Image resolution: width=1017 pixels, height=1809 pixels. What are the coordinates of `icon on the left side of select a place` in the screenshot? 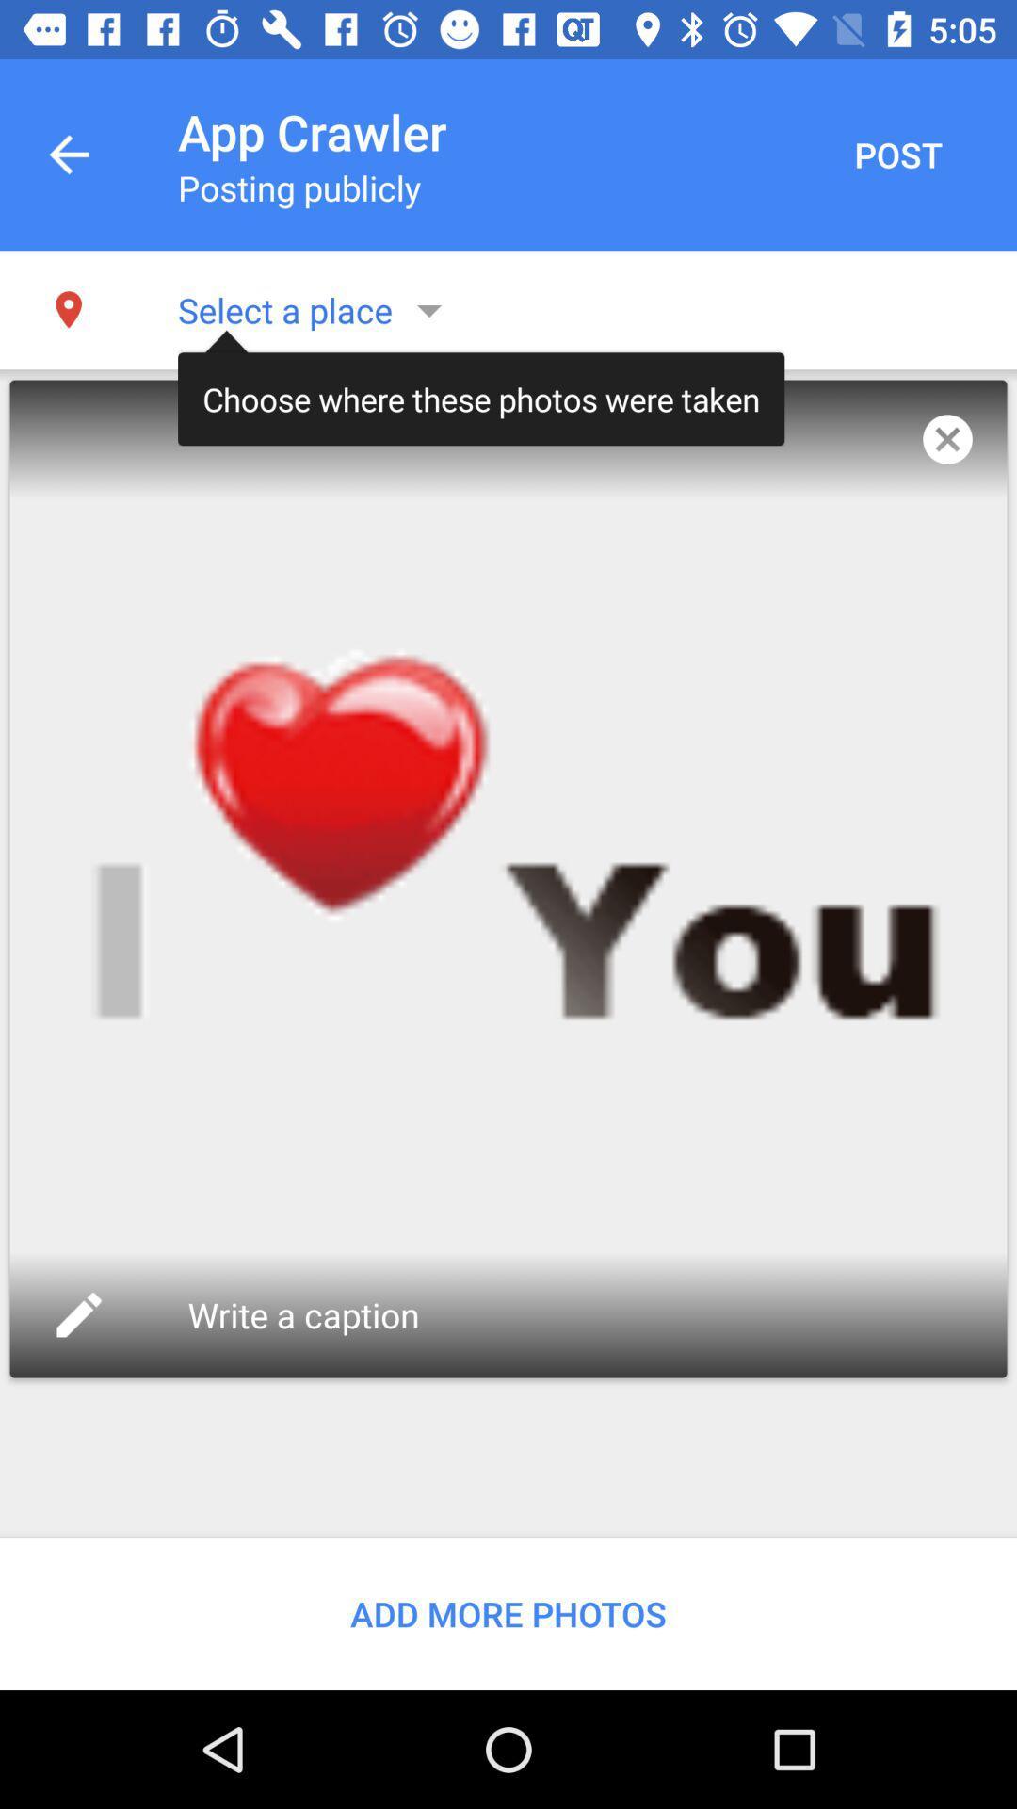 It's located at (68, 310).